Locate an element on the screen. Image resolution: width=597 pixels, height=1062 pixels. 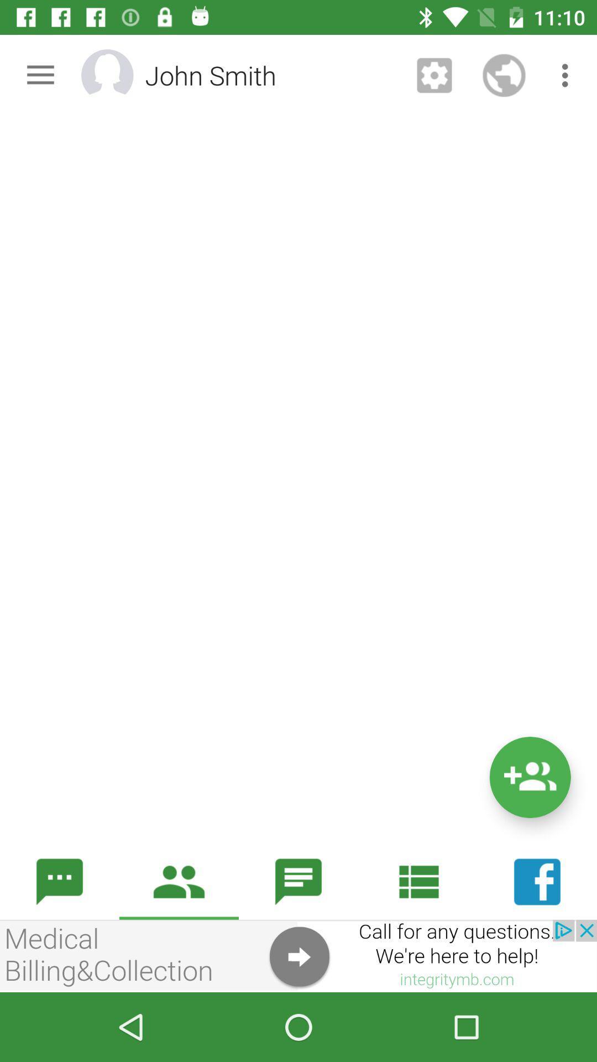
the advertisement is located at coordinates (298, 955).